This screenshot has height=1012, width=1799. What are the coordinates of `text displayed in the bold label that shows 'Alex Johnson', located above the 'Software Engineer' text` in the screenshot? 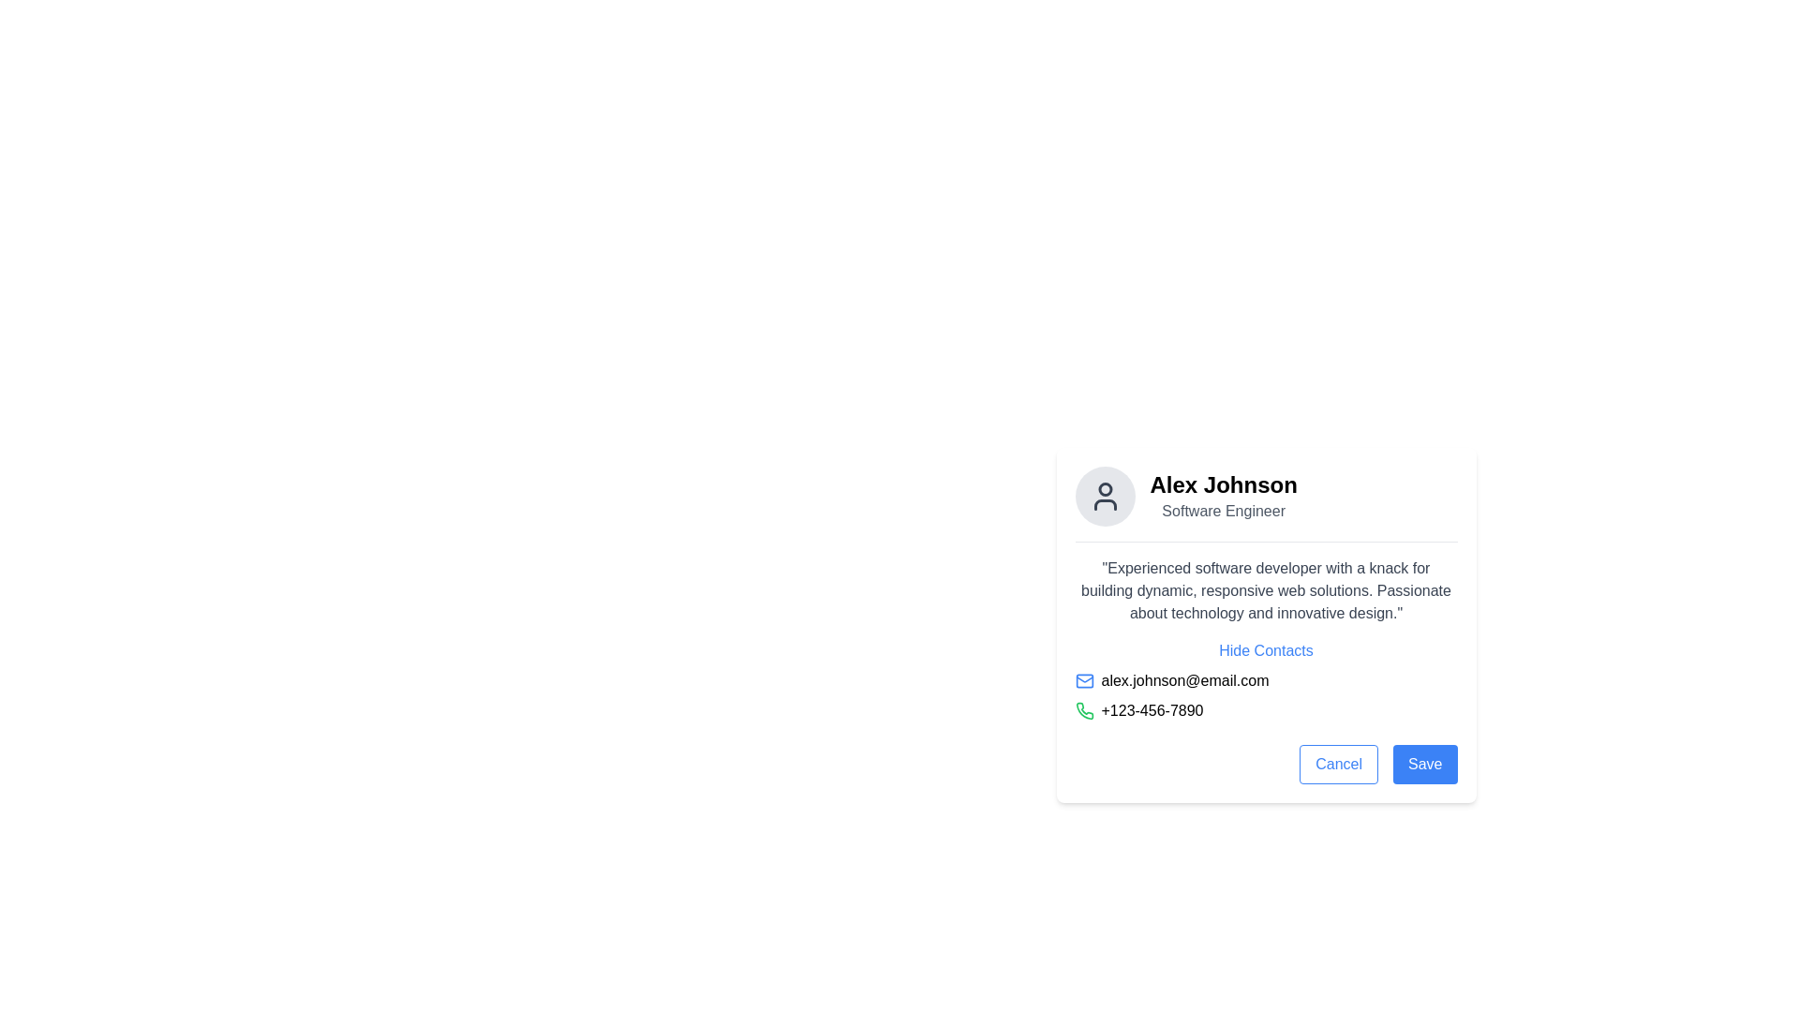 It's located at (1224, 484).